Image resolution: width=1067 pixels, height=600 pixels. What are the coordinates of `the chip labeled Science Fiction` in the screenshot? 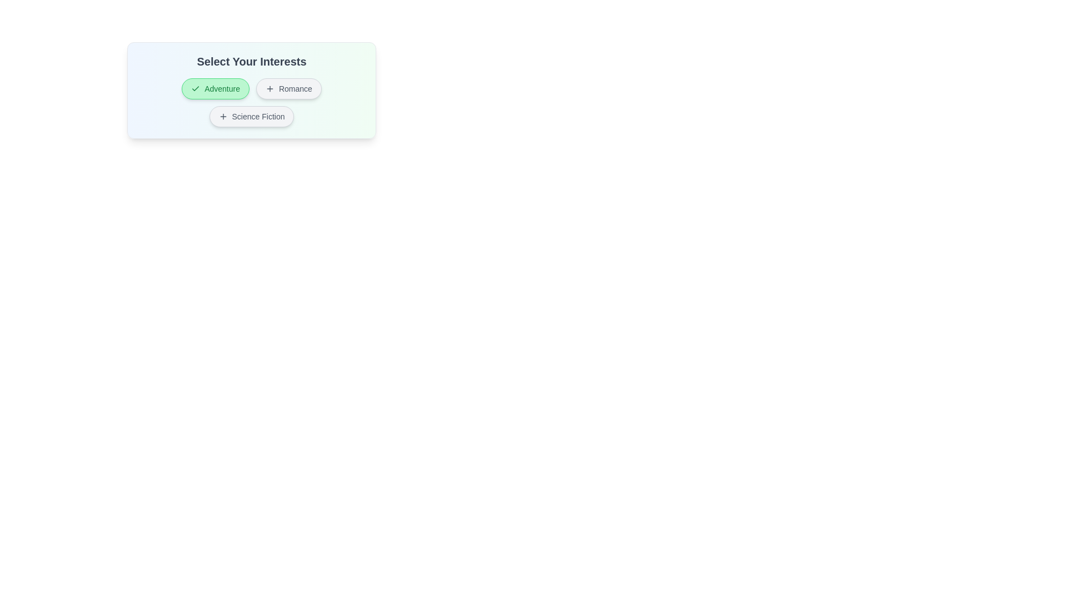 It's located at (251, 116).